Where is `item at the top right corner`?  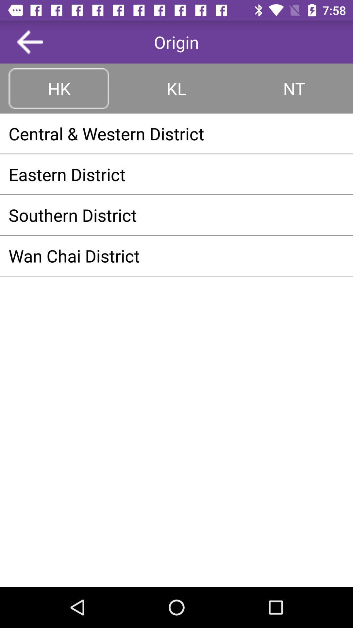 item at the top right corner is located at coordinates (294, 88).